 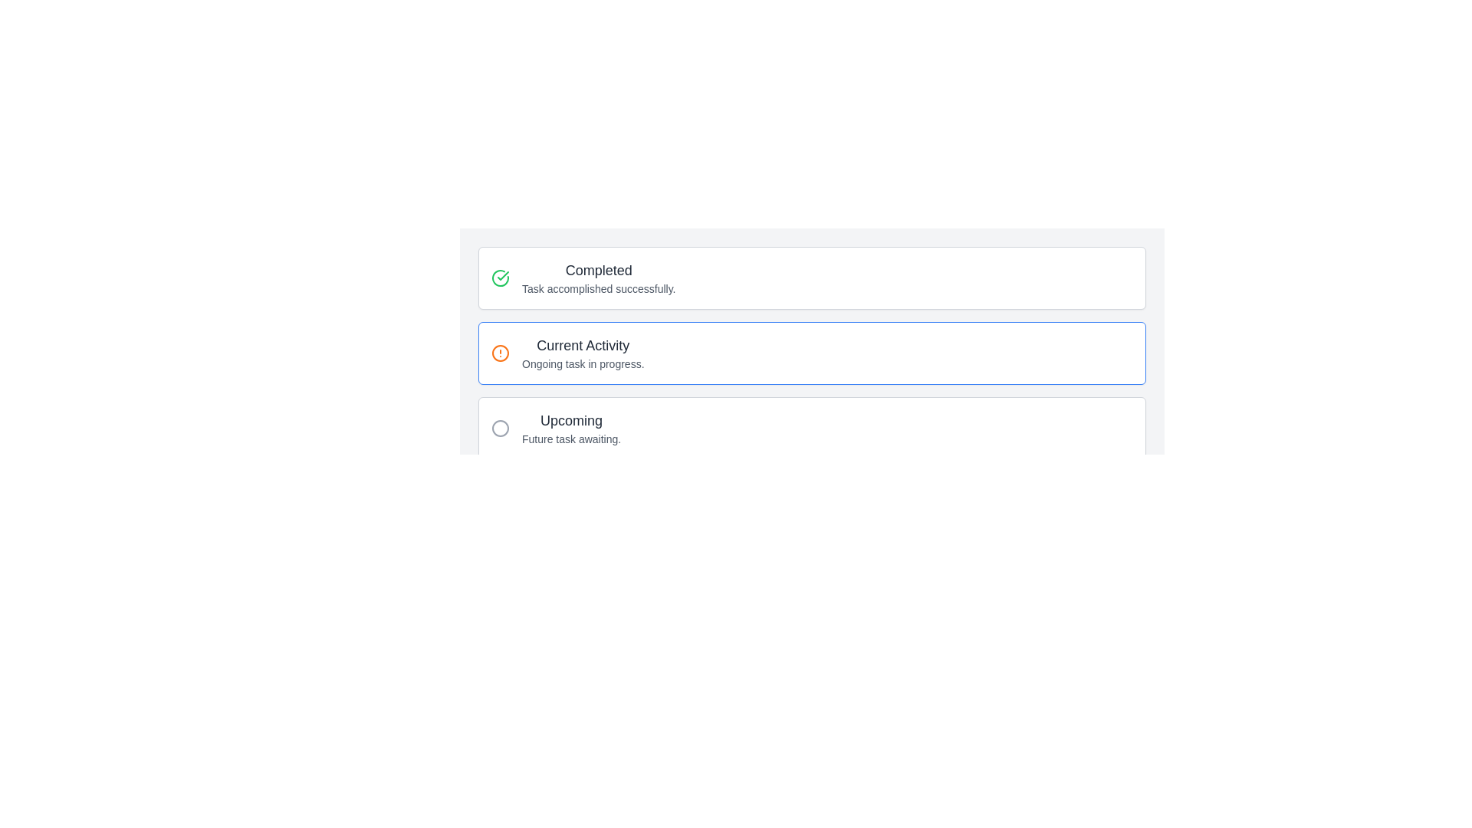 I want to click on the decorative or status icon associated with the 'Upcoming' task, located to the left of the 'Upcoming' label, so click(x=500, y=429).